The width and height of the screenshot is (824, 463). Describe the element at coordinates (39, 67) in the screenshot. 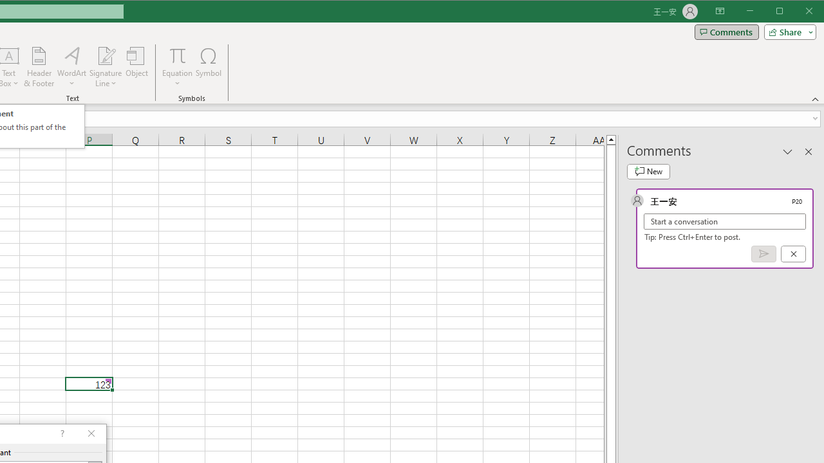

I see `'Header & Footer...'` at that location.